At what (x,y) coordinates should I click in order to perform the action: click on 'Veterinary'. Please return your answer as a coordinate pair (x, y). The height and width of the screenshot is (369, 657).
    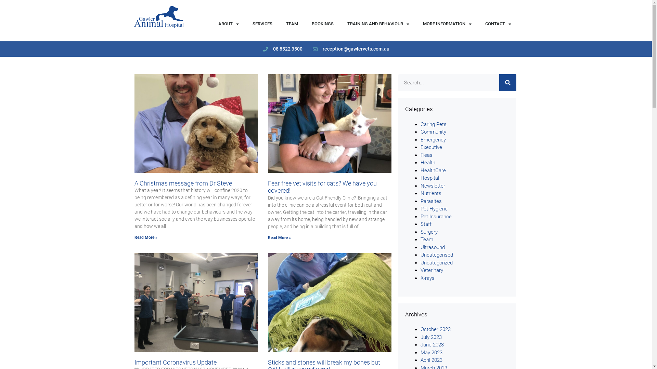
    Looking at the image, I should click on (431, 270).